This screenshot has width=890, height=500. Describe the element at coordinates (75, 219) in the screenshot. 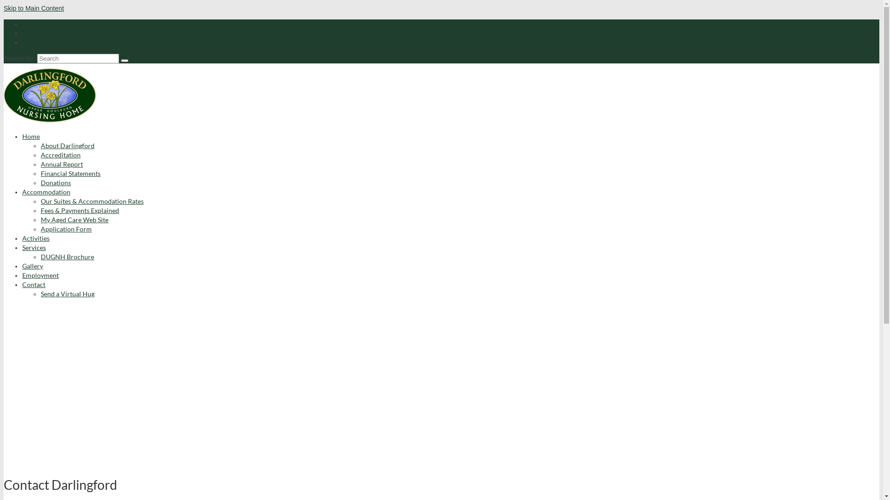

I see `'My Aged Care Web Site'` at that location.